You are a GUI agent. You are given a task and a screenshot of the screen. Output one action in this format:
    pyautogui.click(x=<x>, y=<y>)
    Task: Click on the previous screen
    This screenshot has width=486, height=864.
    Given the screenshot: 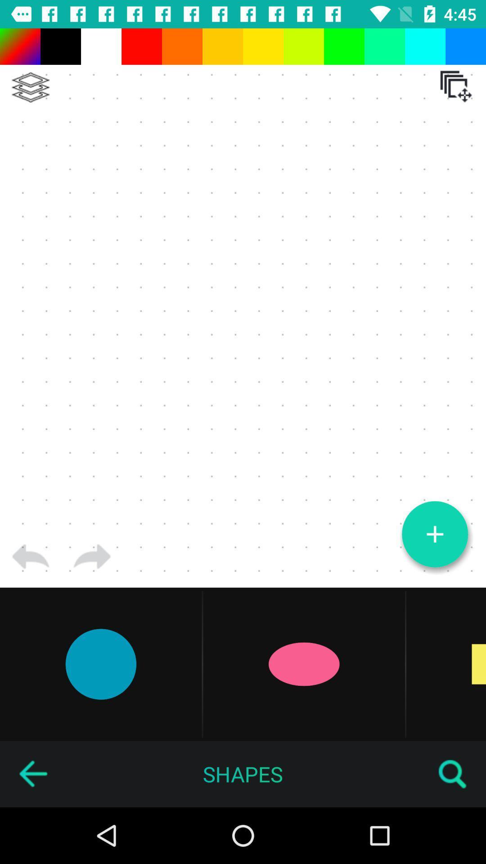 What is the action you would take?
    pyautogui.click(x=32, y=774)
    